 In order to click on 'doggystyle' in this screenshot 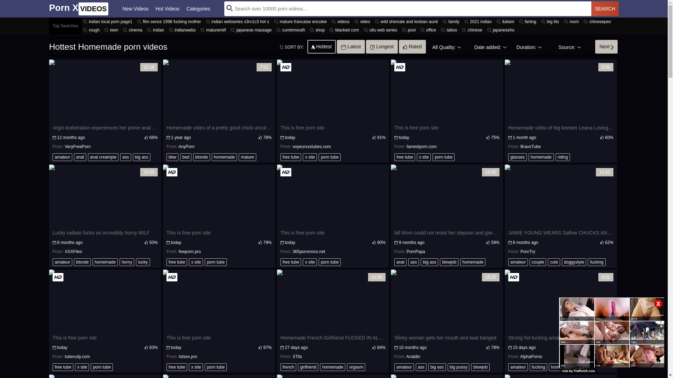, I will do `click(574, 262)`.